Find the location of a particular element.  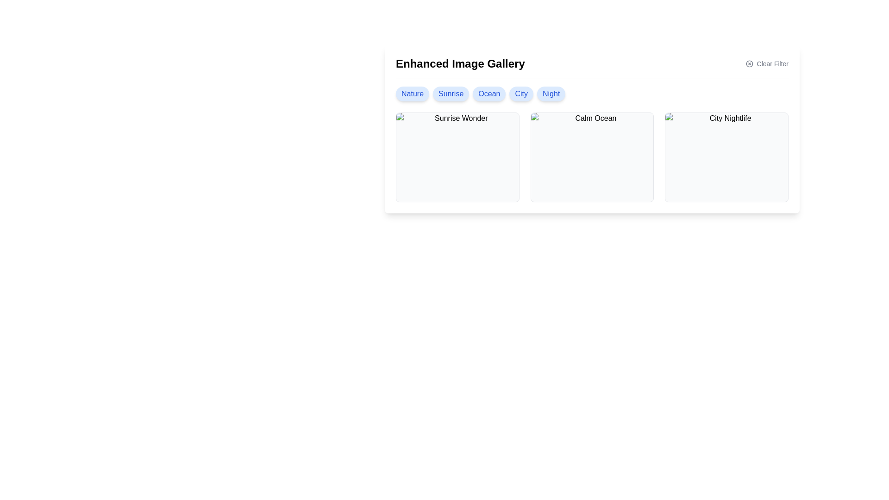

the 'Clear Filter' text label located at the upper right corner of the interface to clear filters is located at coordinates (772, 63).